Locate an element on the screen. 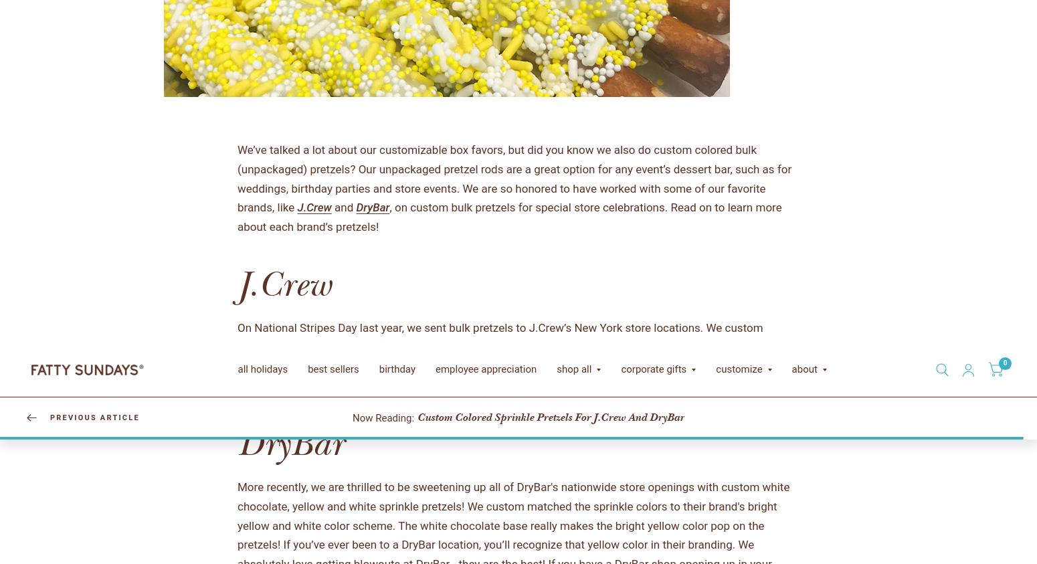 The height and width of the screenshot is (564, 1037). 'Email' is located at coordinates (527, 486).